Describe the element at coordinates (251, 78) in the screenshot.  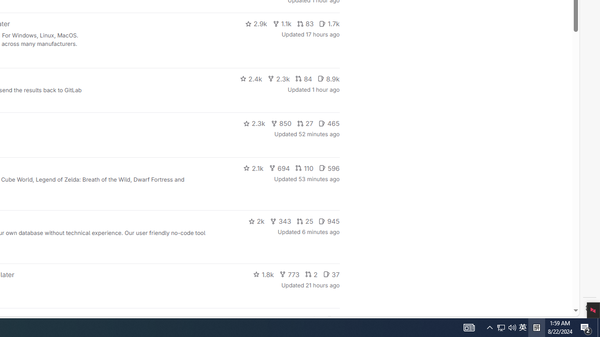
I see `'2.4k'` at that location.